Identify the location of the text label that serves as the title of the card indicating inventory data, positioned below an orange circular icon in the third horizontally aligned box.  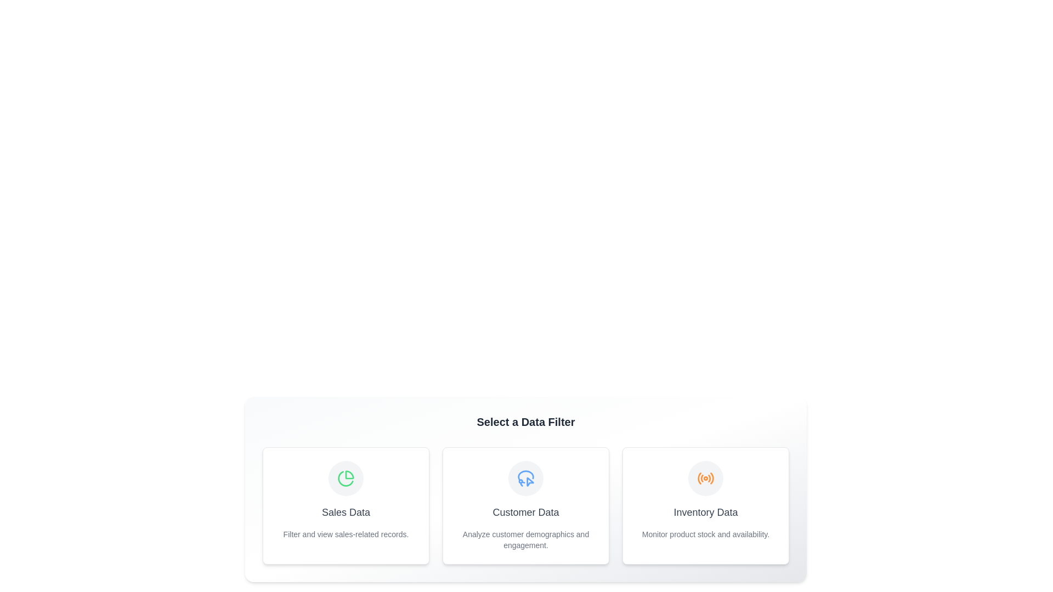
(705, 512).